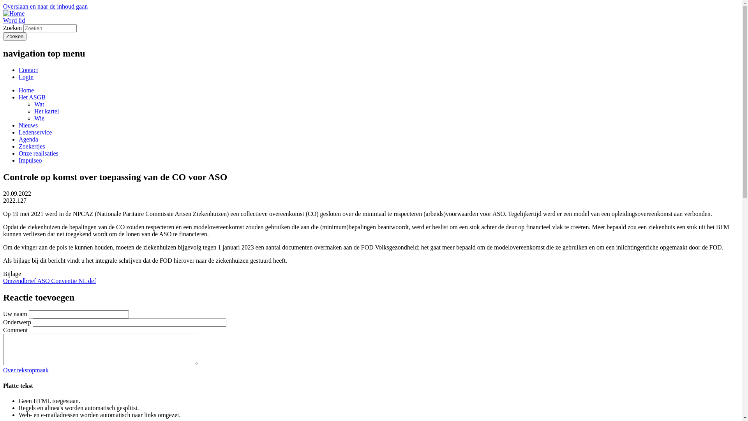 The image size is (748, 421). Describe the element at coordinates (31, 146) in the screenshot. I see `'Zoekertjes'` at that location.